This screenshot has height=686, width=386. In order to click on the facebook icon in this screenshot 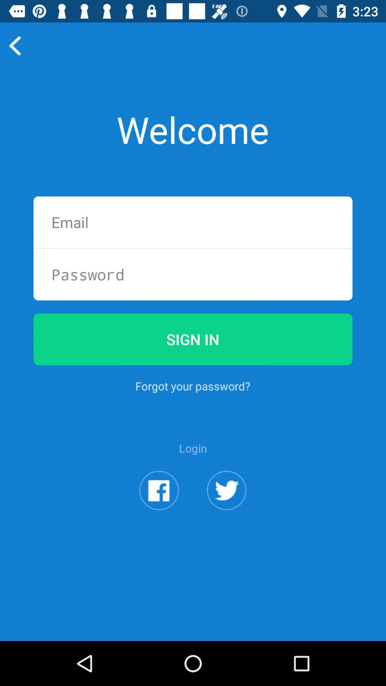, I will do `click(159, 525)`.